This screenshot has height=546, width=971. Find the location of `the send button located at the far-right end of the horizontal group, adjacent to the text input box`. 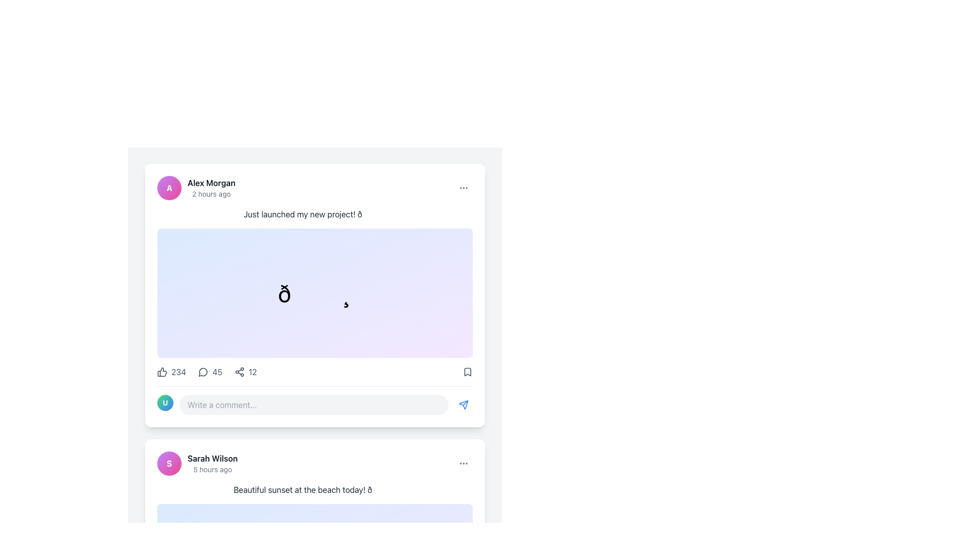

the send button located at the far-right end of the horizontal group, adjacent to the text input box is located at coordinates (463, 404).